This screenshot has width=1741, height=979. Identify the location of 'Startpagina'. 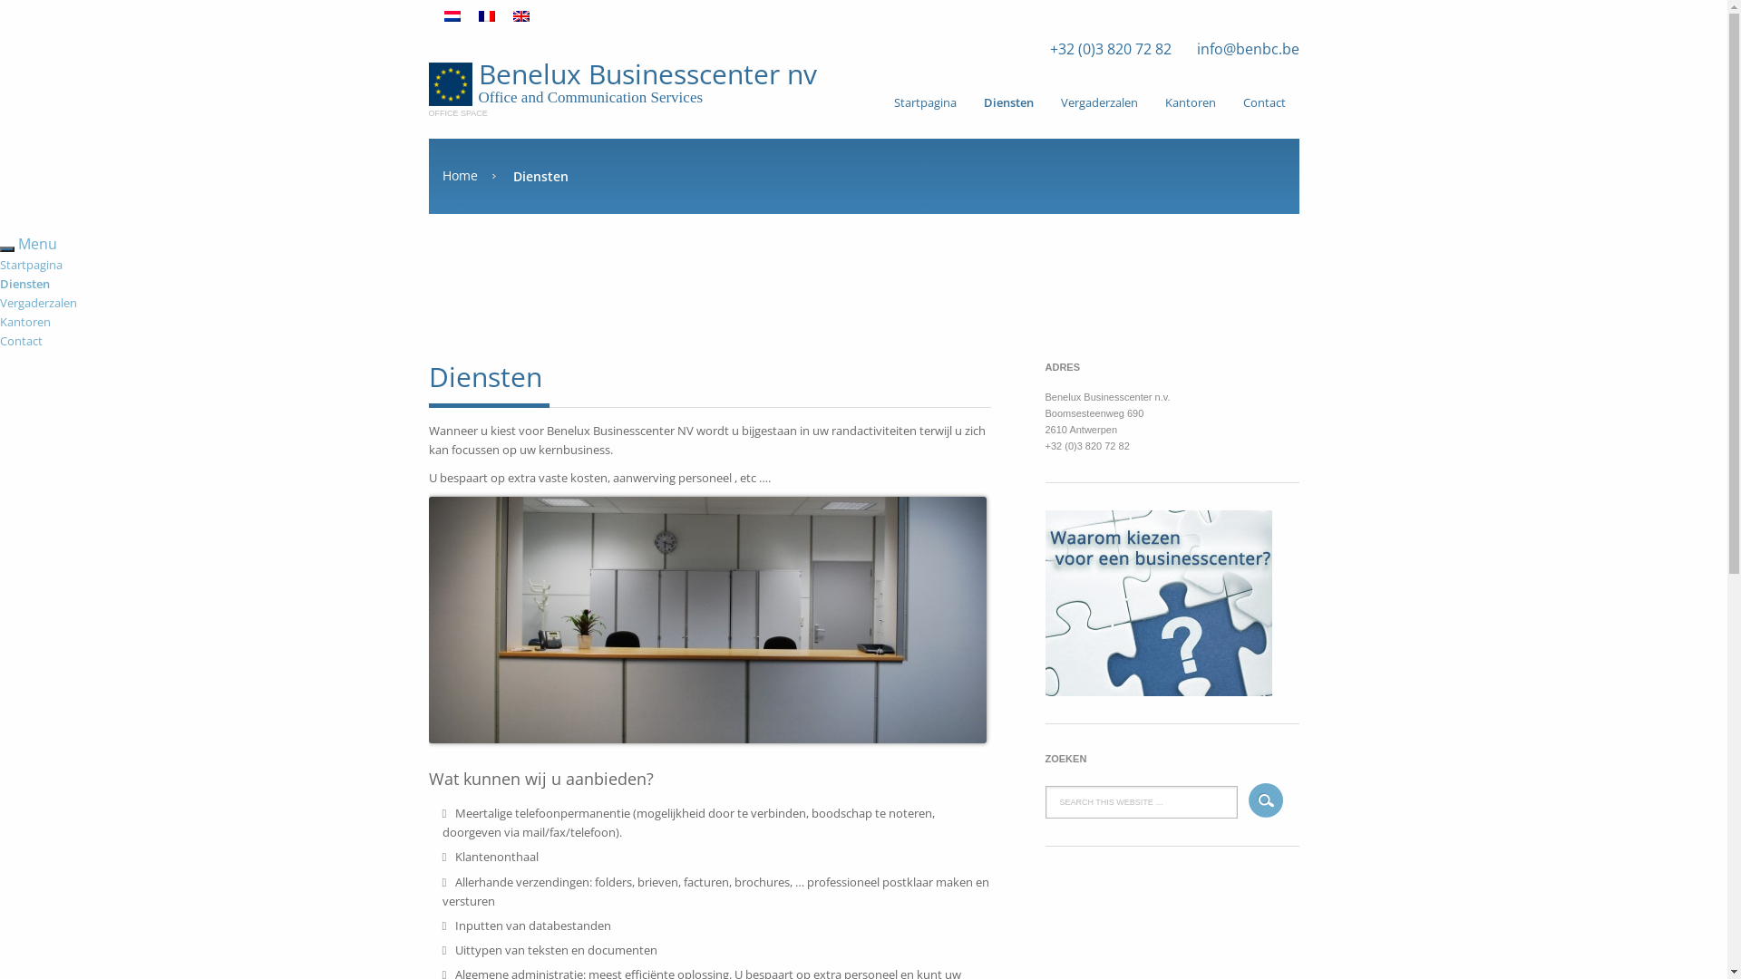
(879, 102).